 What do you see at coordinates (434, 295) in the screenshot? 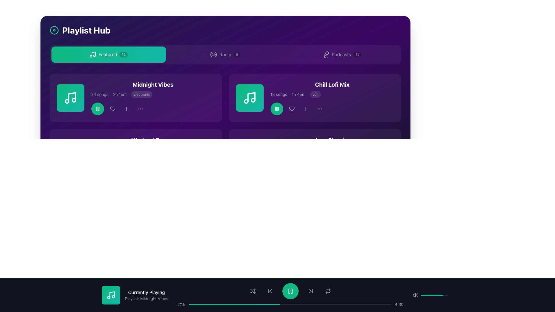
I see `the slider` at bounding box center [434, 295].